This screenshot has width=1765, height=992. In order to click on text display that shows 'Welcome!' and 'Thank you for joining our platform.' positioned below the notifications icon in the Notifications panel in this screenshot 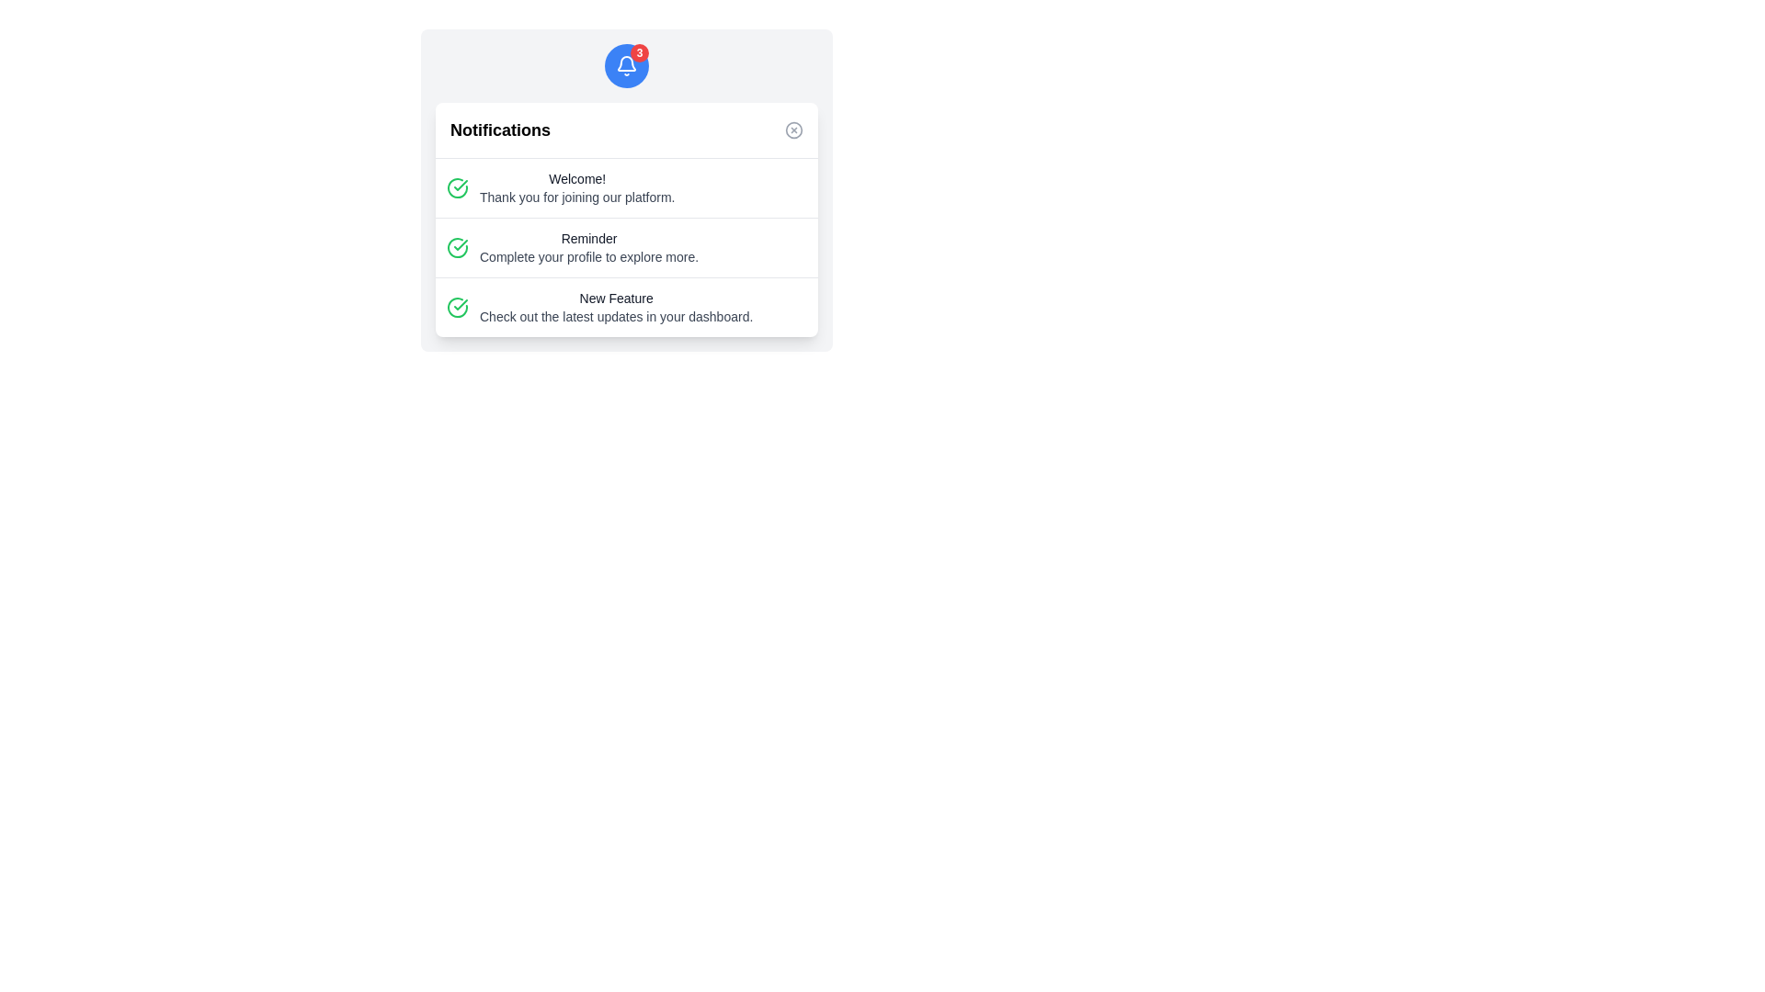, I will do `click(576, 187)`.